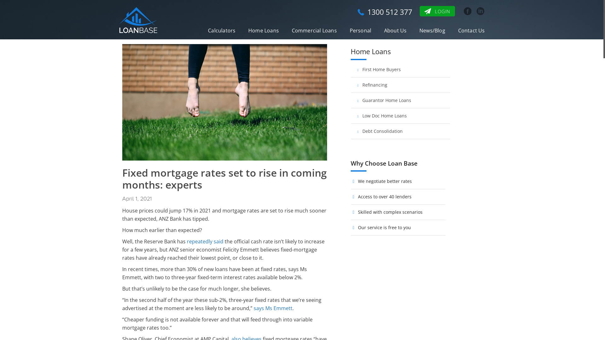  What do you see at coordinates (400, 70) in the screenshot?
I see `'First Home Buyers'` at bounding box center [400, 70].